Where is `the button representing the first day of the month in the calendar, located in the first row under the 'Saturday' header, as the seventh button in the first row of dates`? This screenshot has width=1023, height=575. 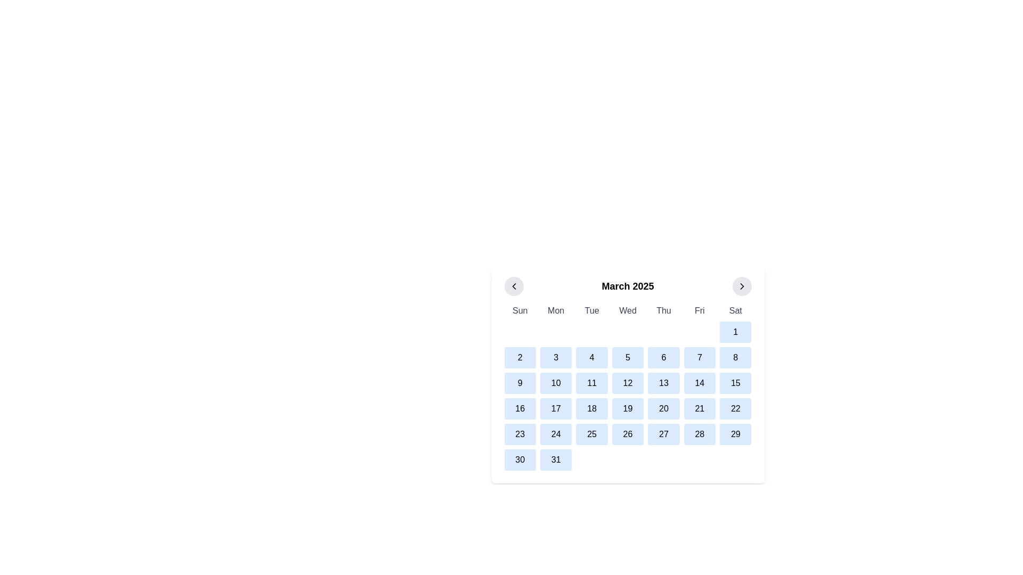
the button representing the first day of the month in the calendar, located in the first row under the 'Saturday' header, as the seventh button in the first row of dates is located at coordinates (735, 332).